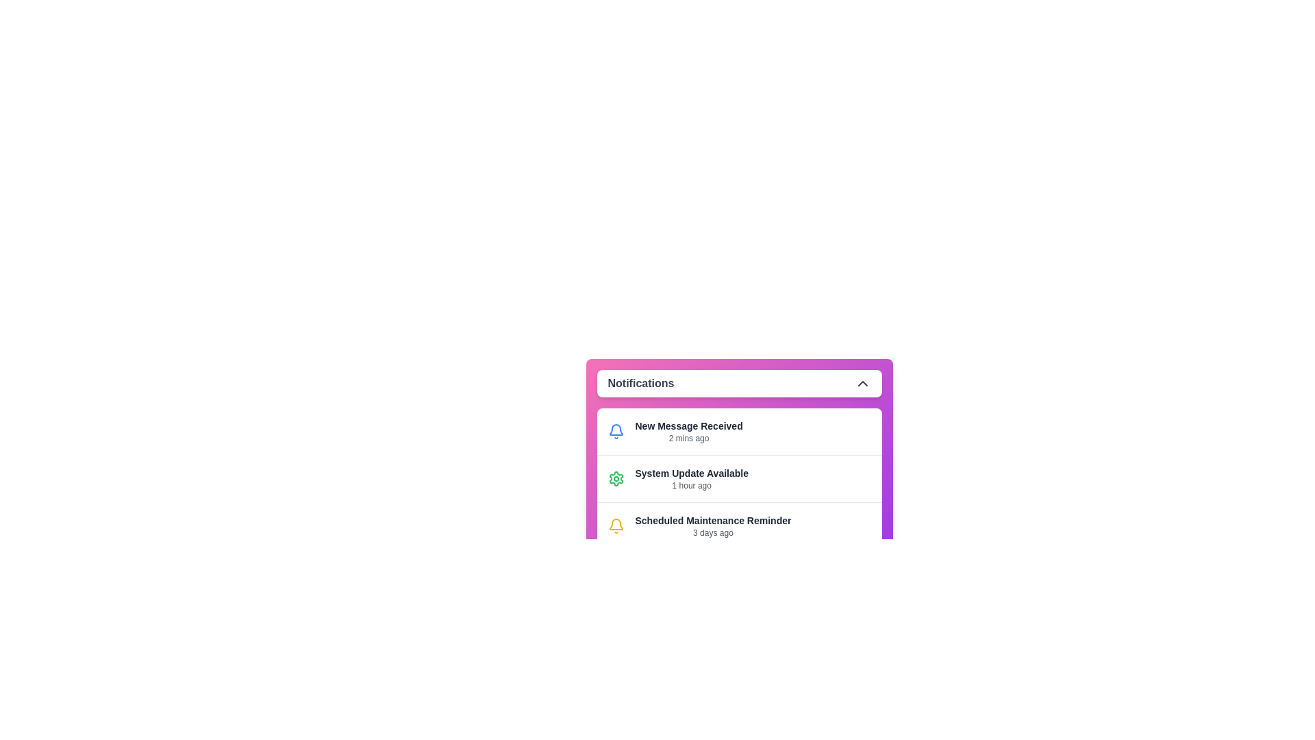  What do you see at coordinates (738, 383) in the screenshot?
I see `the 'Notifications' Toggle Header using keyboard navigation` at bounding box center [738, 383].